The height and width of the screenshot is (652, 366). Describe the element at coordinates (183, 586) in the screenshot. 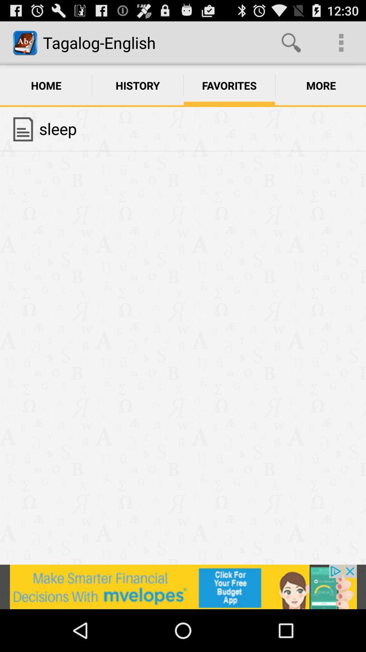

I see `open advertisement` at that location.